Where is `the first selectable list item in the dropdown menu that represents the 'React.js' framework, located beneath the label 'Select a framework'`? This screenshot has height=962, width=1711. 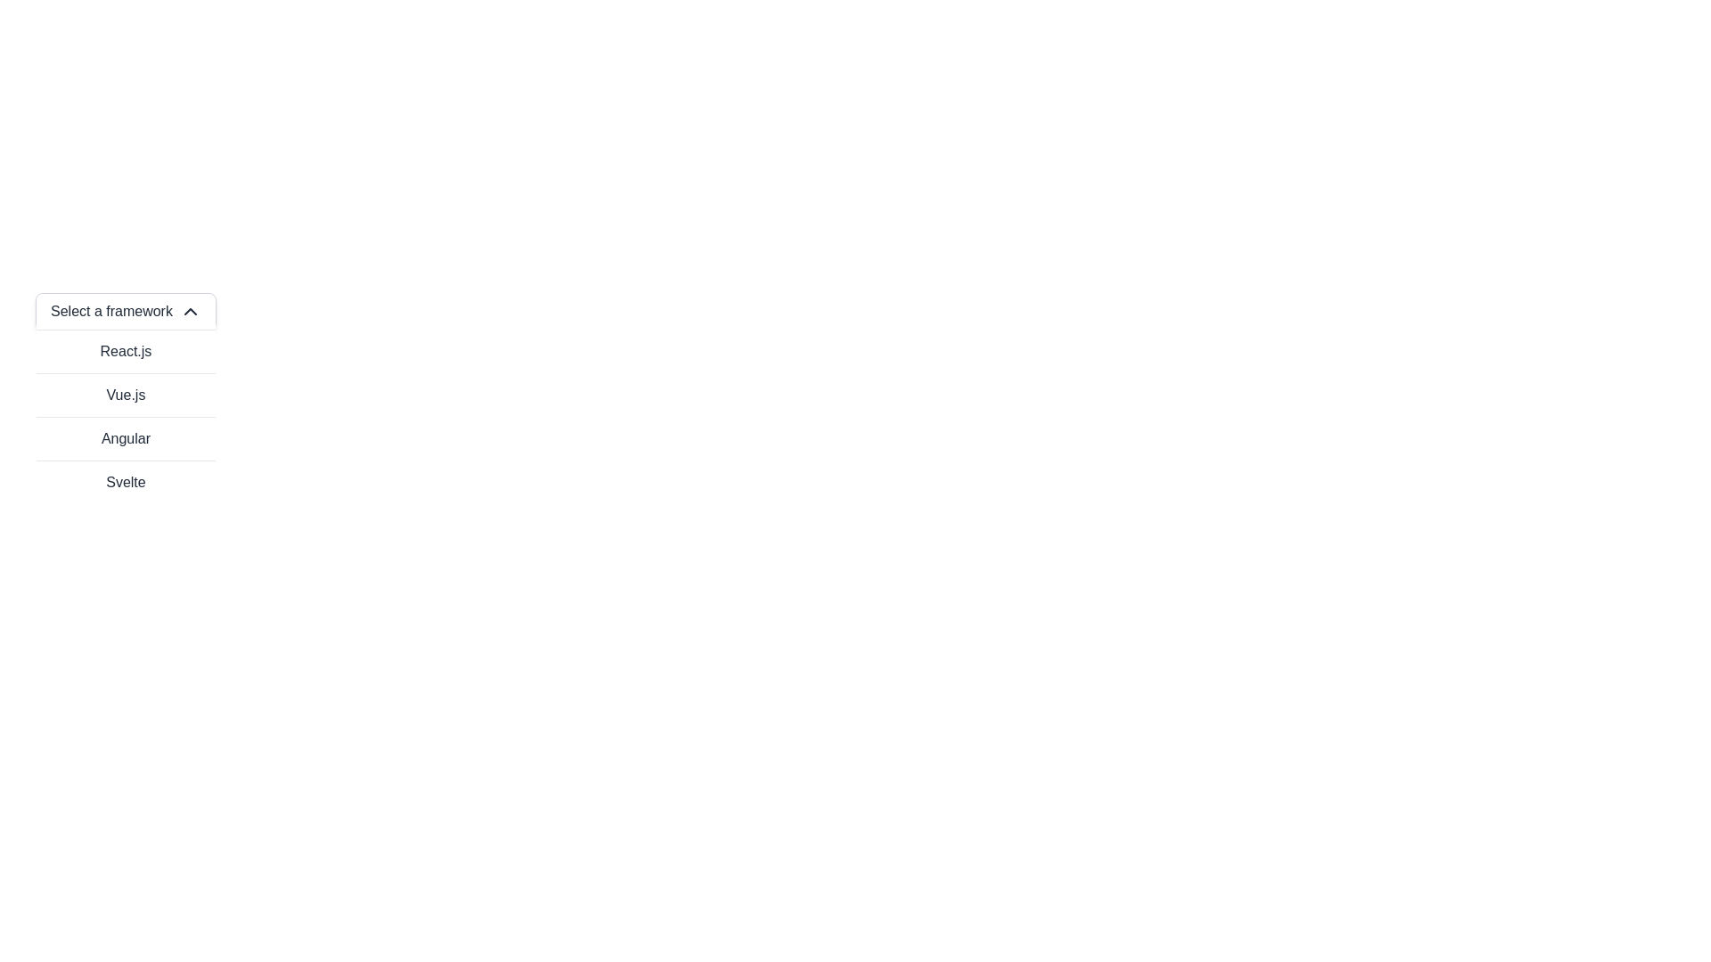
the first selectable list item in the dropdown menu that represents the 'React.js' framework, located beneath the label 'Select a framework' is located at coordinates (125, 351).